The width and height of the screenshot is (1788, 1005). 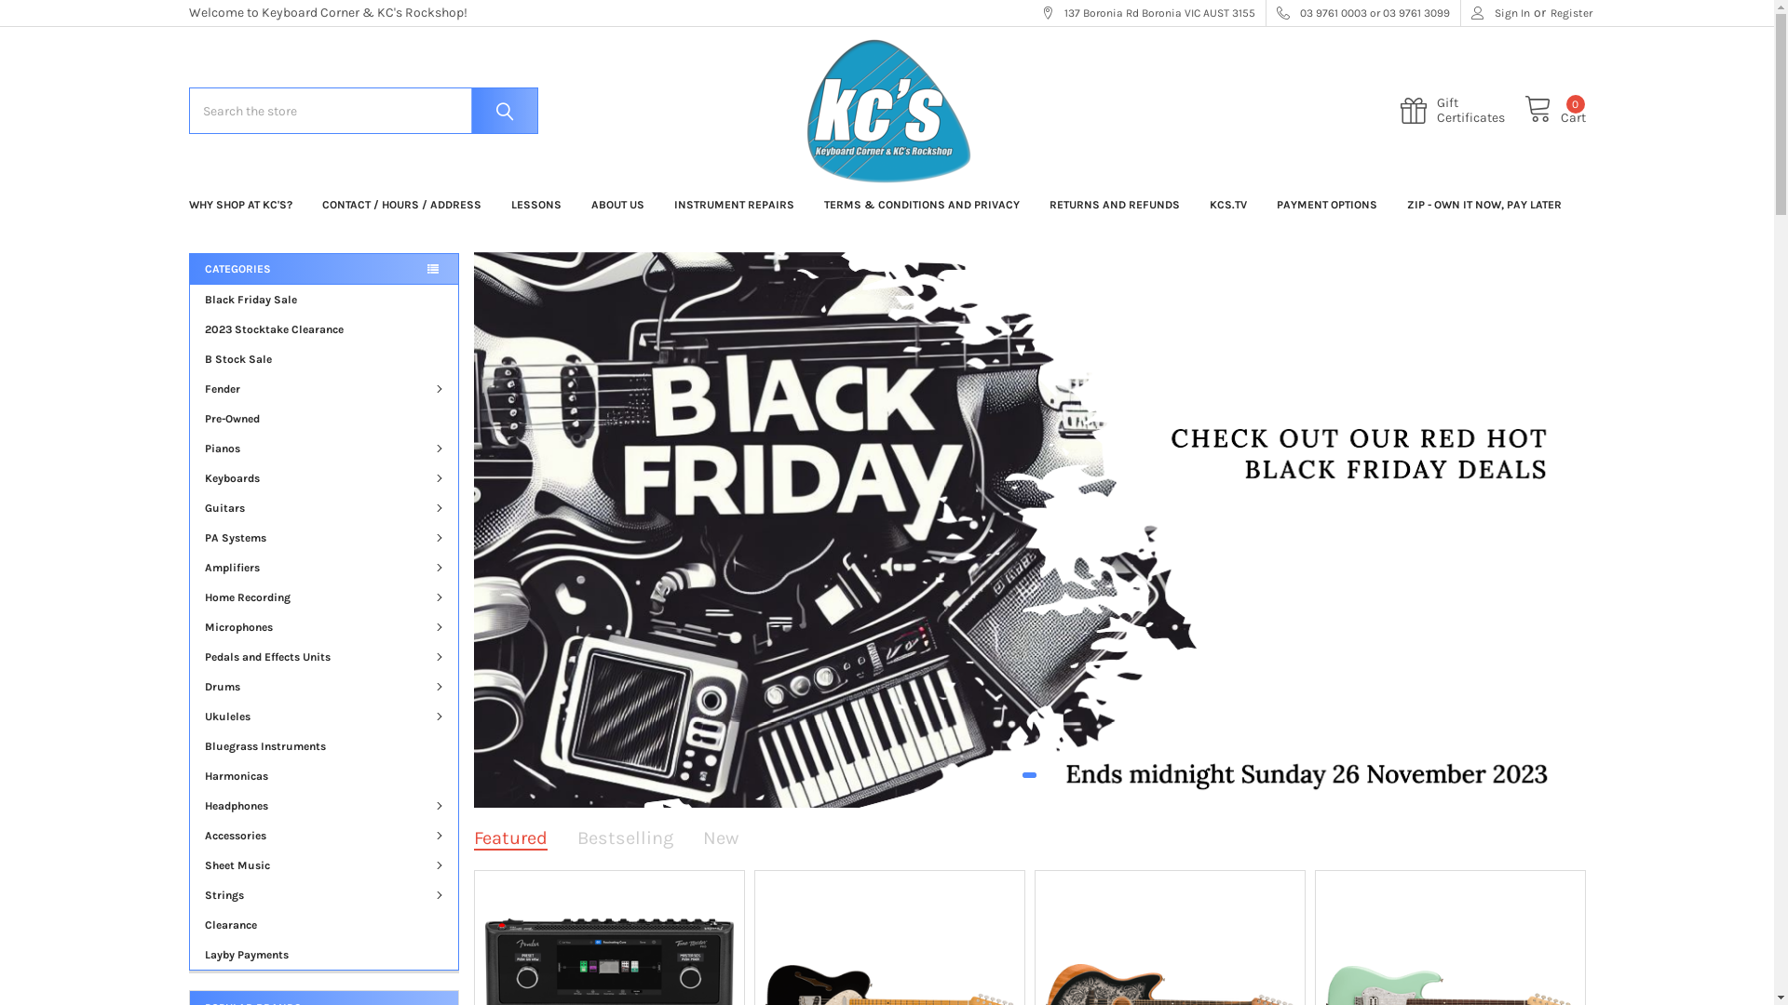 What do you see at coordinates (189, 298) in the screenshot?
I see `'Black Friday Sale'` at bounding box center [189, 298].